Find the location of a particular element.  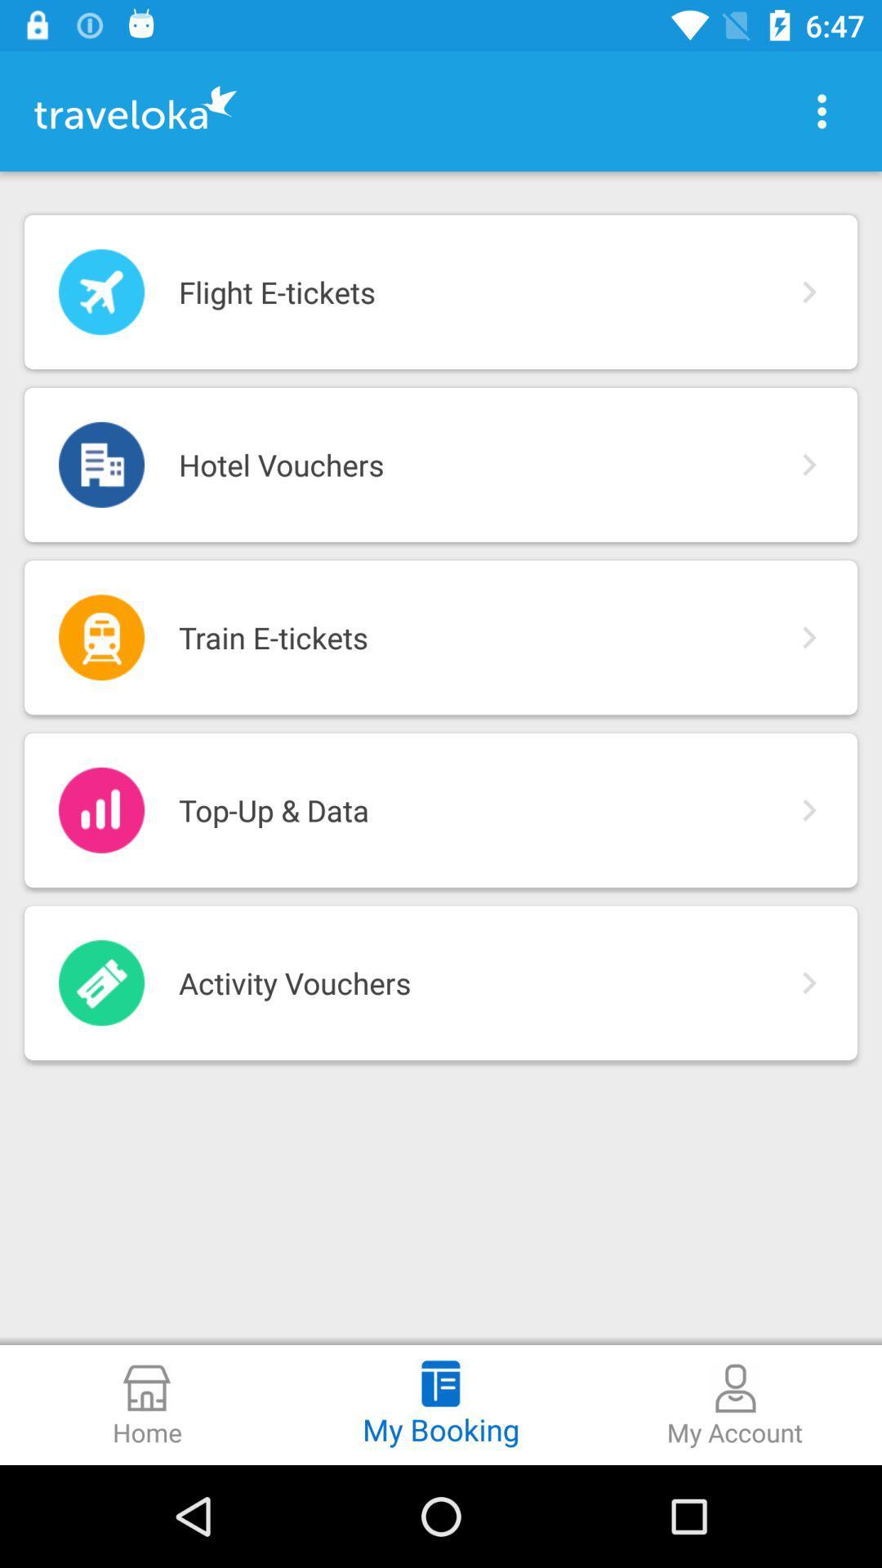

item above flight e-tickets item is located at coordinates (822, 110).